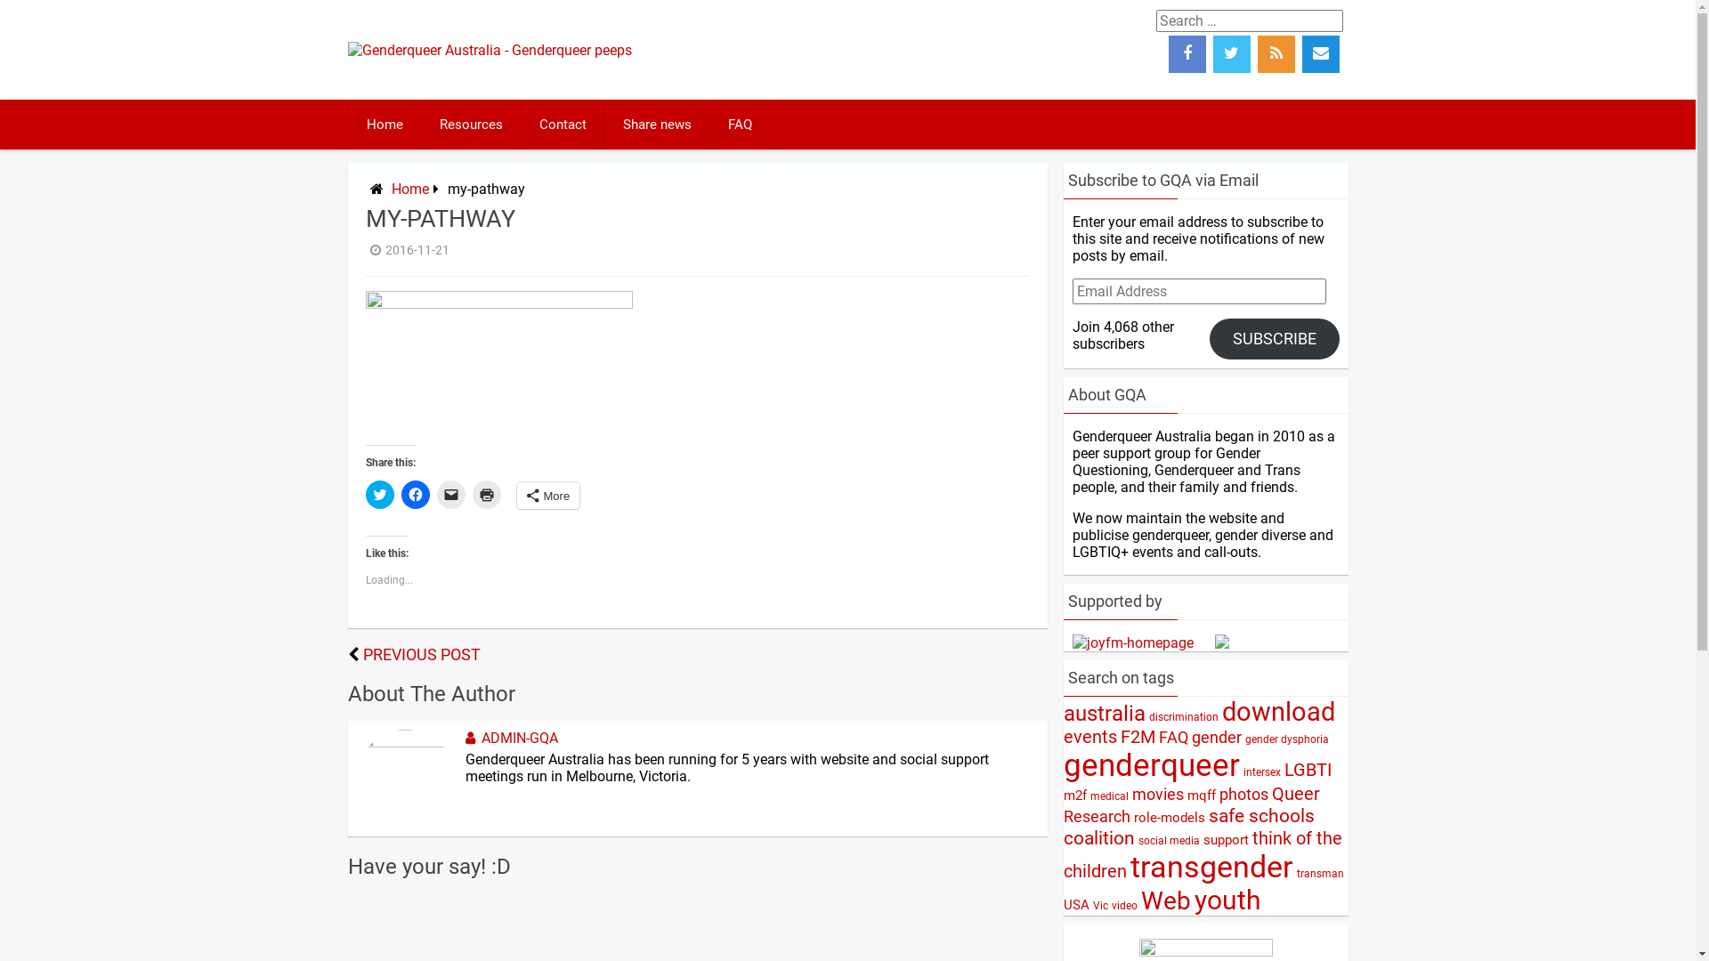  Describe the element at coordinates (1099, 906) in the screenshot. I see `'Vic'` at that location.